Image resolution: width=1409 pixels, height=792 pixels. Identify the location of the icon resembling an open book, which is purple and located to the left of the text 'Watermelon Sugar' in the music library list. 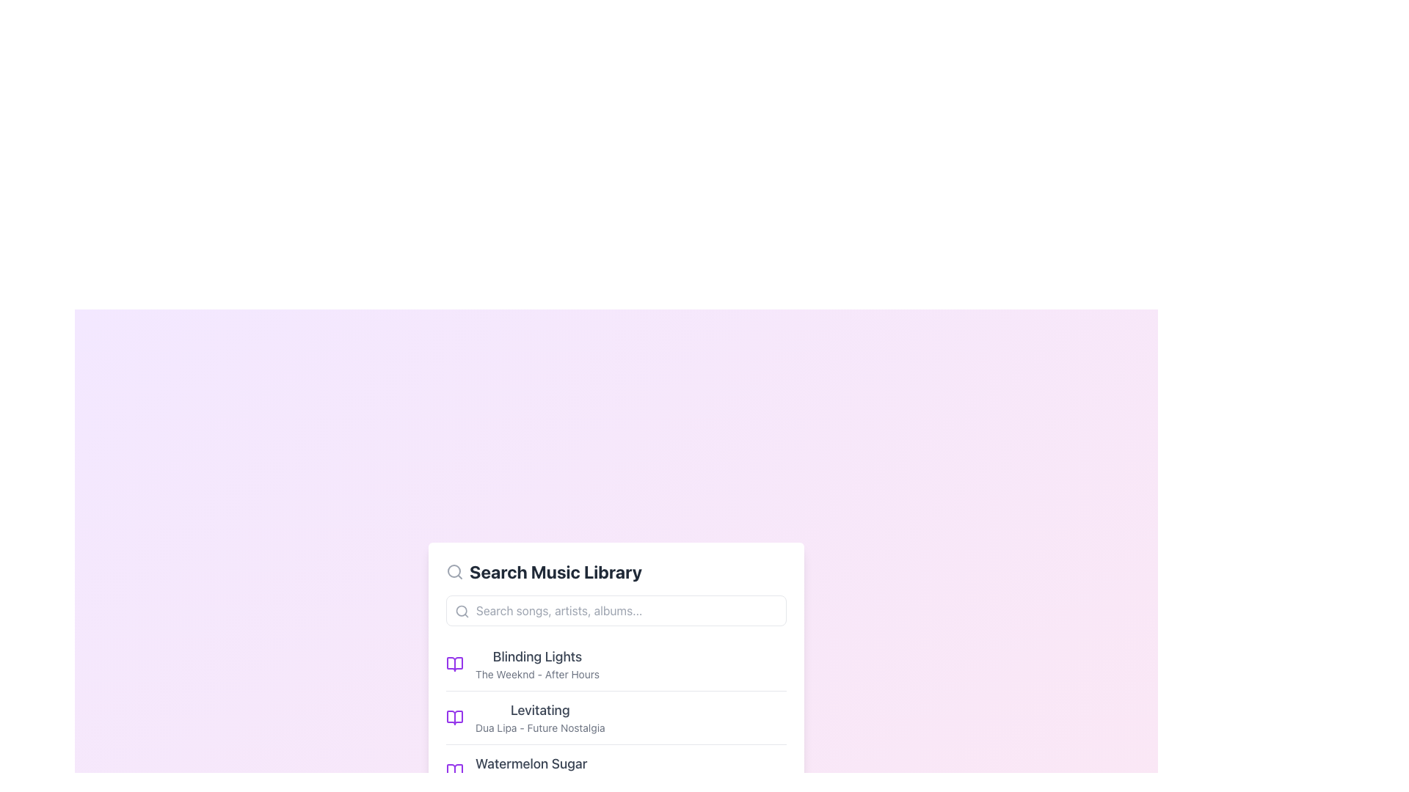
(454, 769).